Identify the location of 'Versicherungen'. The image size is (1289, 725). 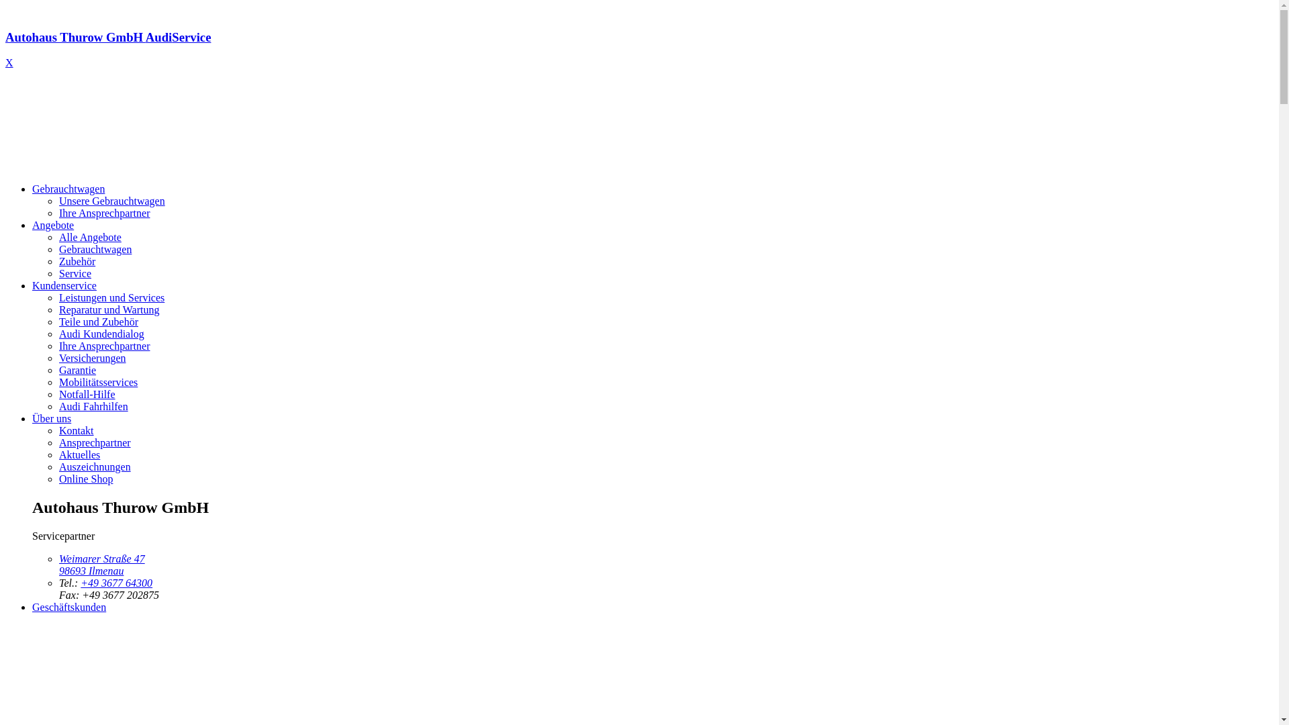
(92, 357).